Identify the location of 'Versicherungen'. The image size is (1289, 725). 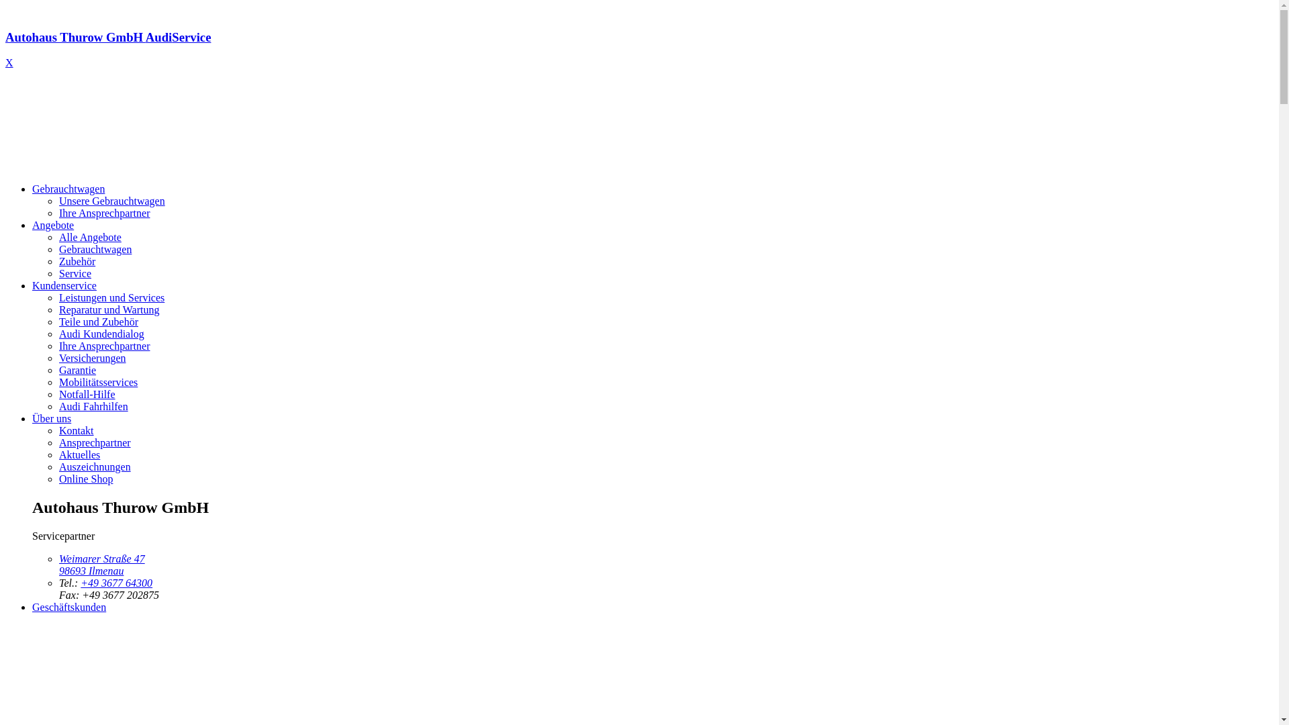
(92, 357).